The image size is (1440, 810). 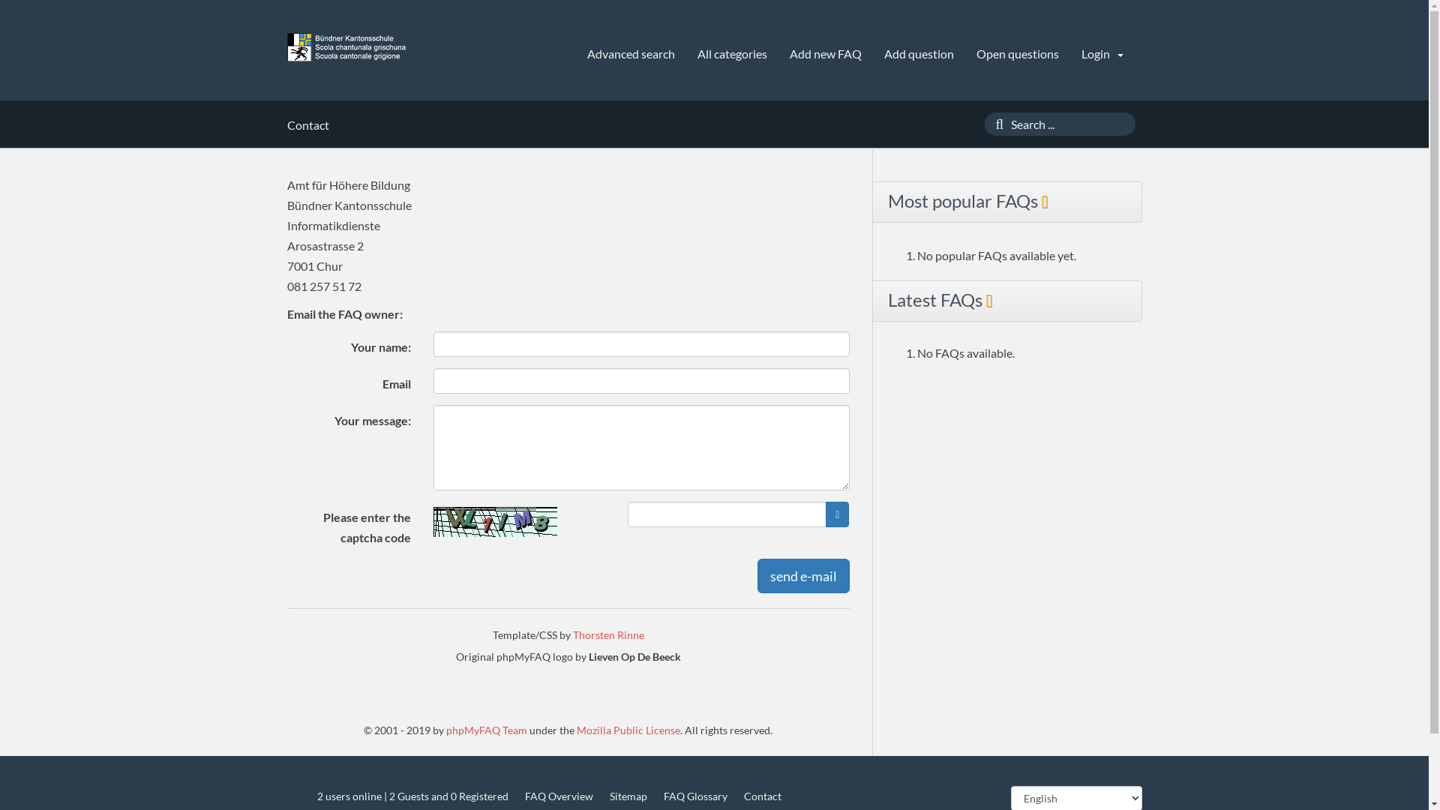 What do you see at coordinates (1018, 53) in the screenshot?
I see `'Open questions'` at bounding box center [1018, 53].